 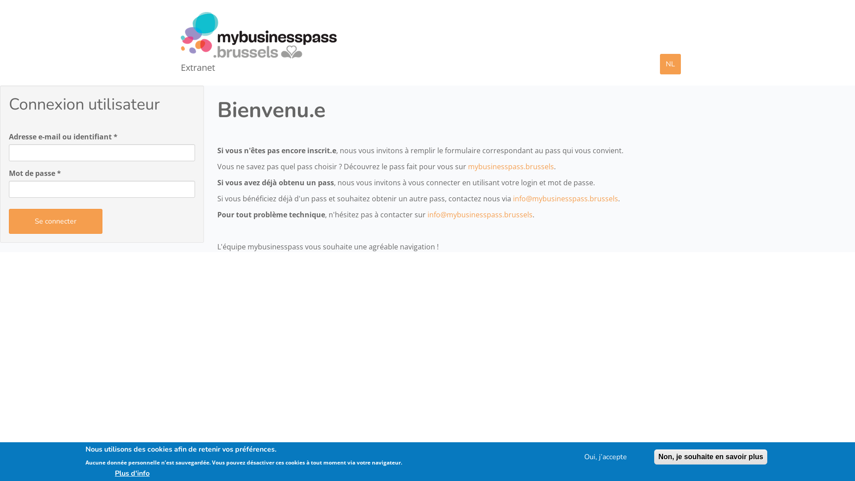 I want to click on 'Non, je souhaite en savoir plus', so click(x=710, y=457).